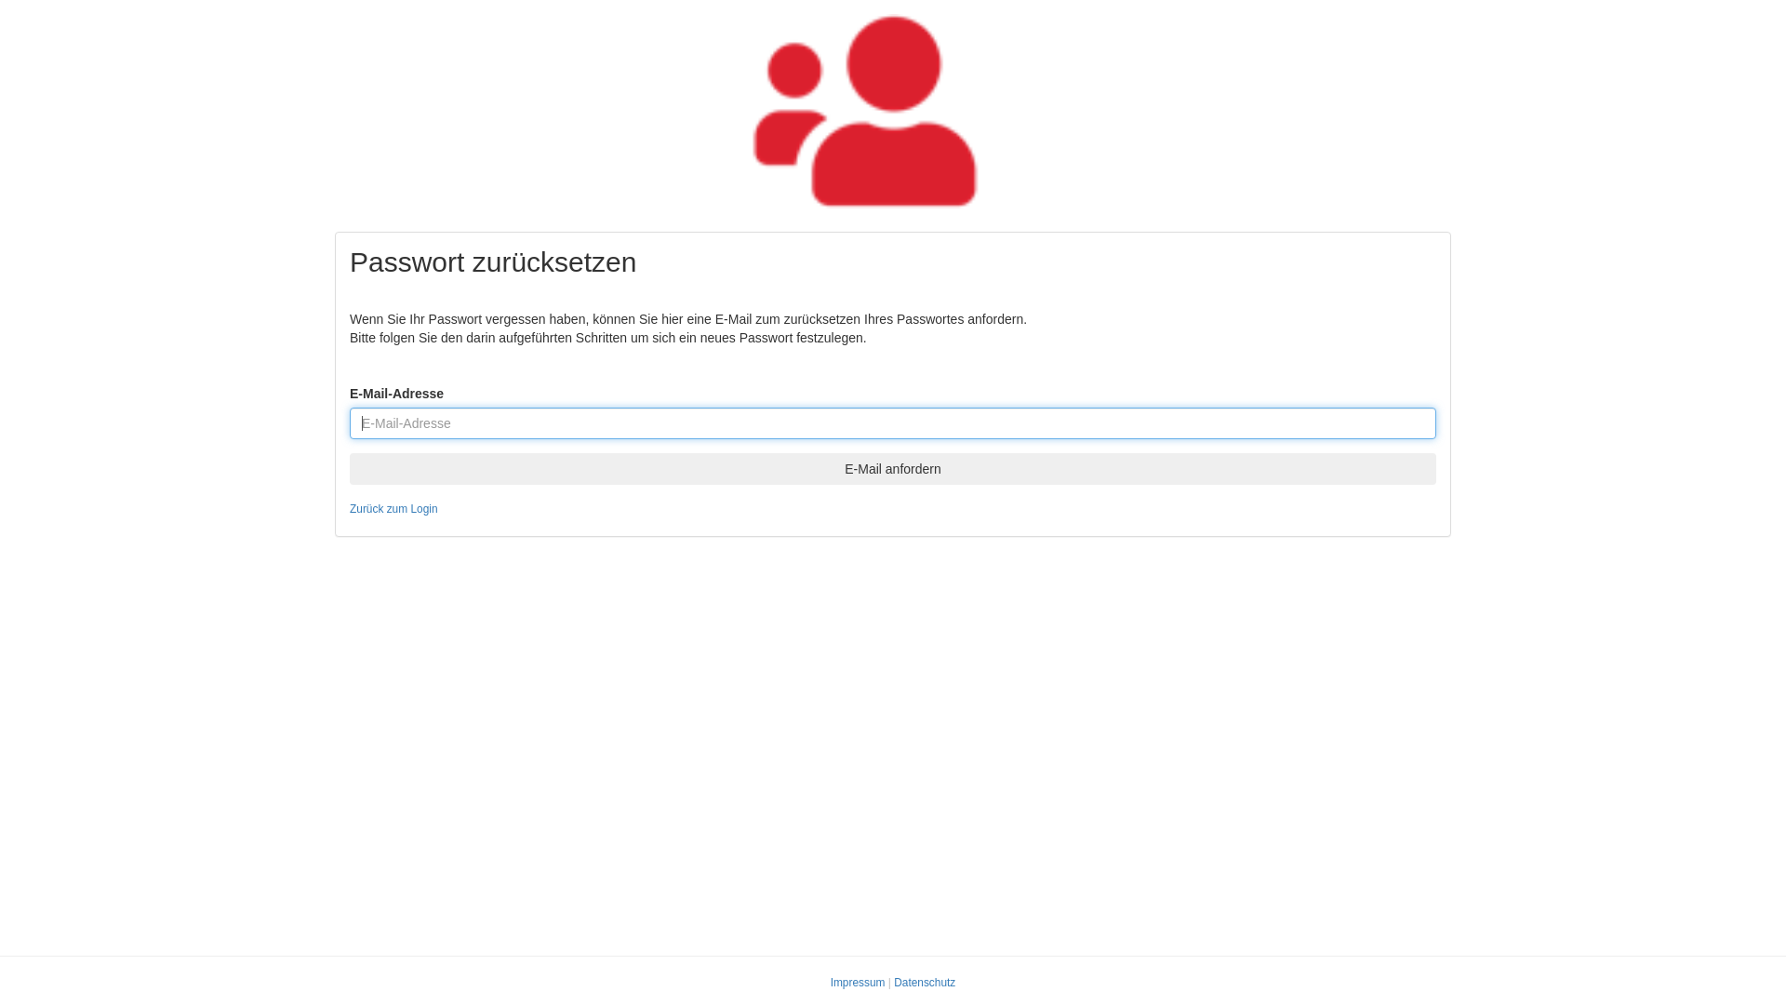 The height and width of the screenshot is (1005, 1786). What do you see at coordinates (893, 982) in the screenshot?
I see `'Datenschutz'` at bounding box center [893, 982].